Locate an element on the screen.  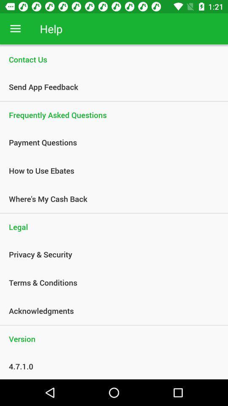
where s my is located at coordinates (109, 199).